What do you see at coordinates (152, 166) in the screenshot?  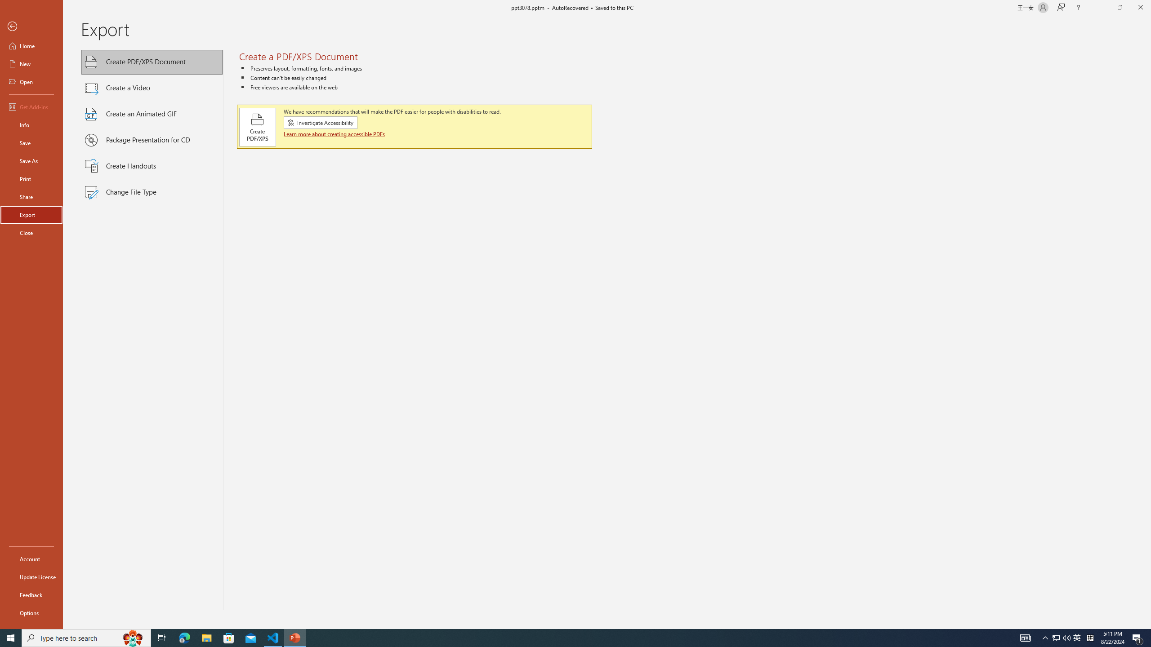 I see `'Create Handouts'` at bounding box center [152, 166].